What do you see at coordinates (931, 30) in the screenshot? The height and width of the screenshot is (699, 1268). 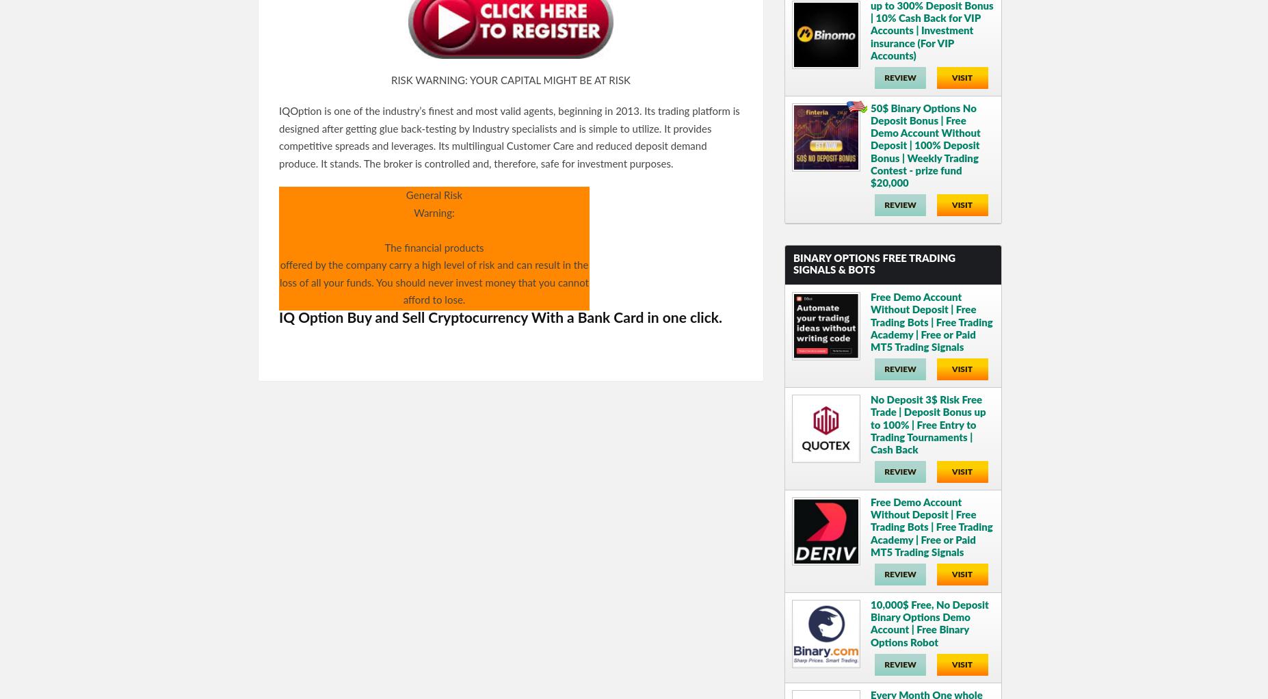 I see `'up to 300% Deposit Bonus | 10% Cash Back for VIP Accounts | Investment insurance (For VIP Accounts)'` at bounding box center [931, 30].